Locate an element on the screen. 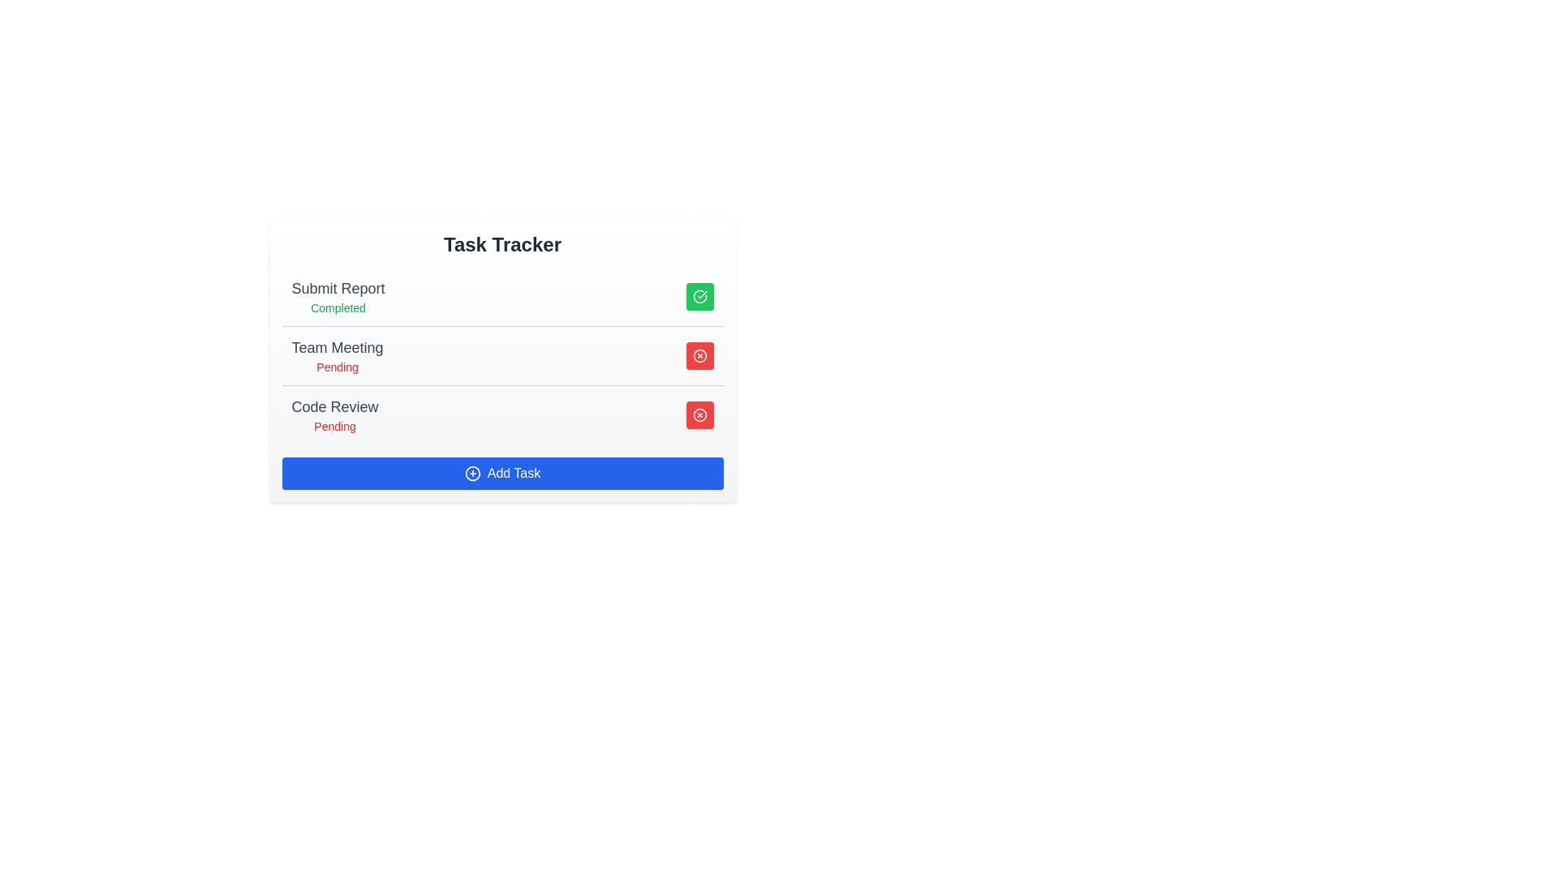 The width and height of the screenshot is (1558, 876). the Icon button is located at coordinates (699, 355).